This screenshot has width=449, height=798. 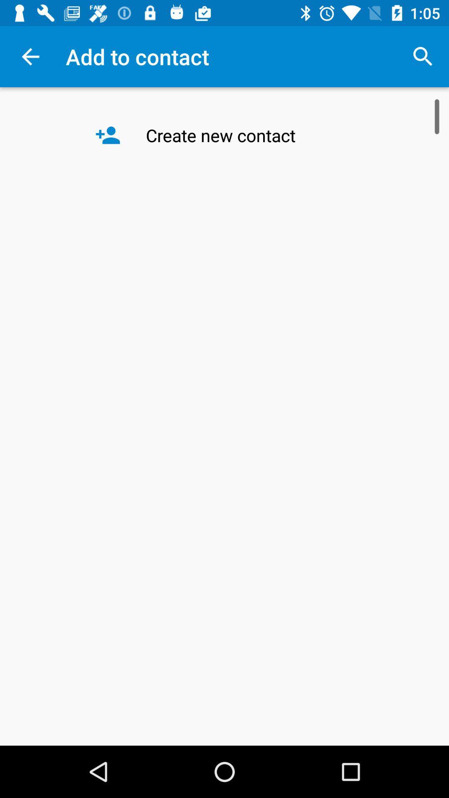 I want to click on item next to the add to contact item, so click(x=423, y=56).